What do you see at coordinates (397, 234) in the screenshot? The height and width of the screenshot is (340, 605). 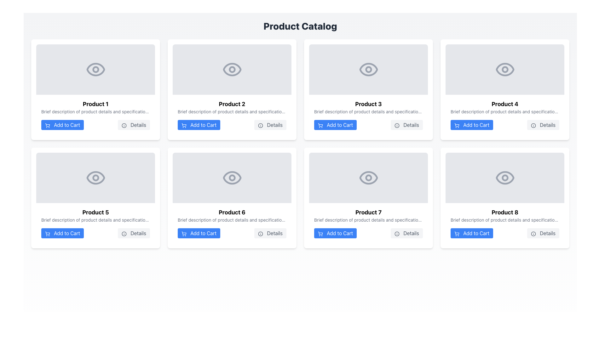 I see `the circular informational icon with a gray outline embedded within the 'Details' button for Product 7, located in the bottom-right section of the Product 7 card` at bounding box center [397, 234].